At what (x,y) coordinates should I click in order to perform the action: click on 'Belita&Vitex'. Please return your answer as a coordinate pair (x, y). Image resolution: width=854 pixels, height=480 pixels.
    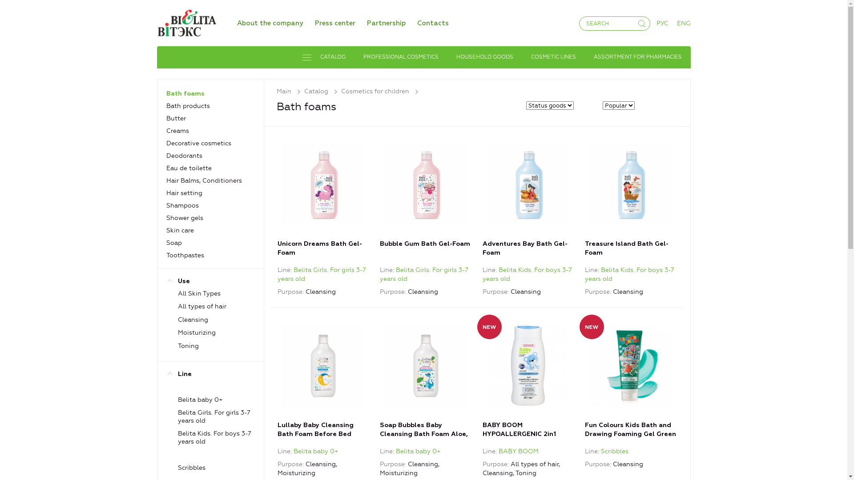
    Looking at the image, I should click on (185, 21).